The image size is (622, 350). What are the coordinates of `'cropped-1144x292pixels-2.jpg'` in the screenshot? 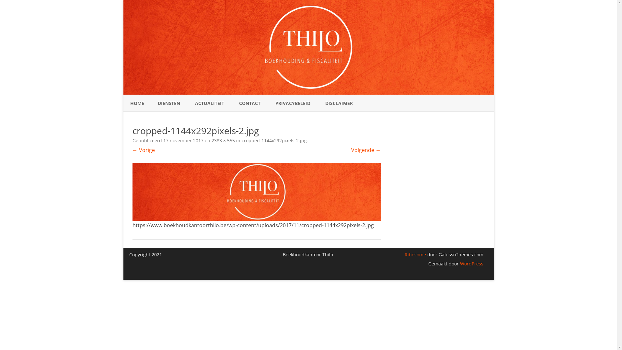 It's located at (274, 140).